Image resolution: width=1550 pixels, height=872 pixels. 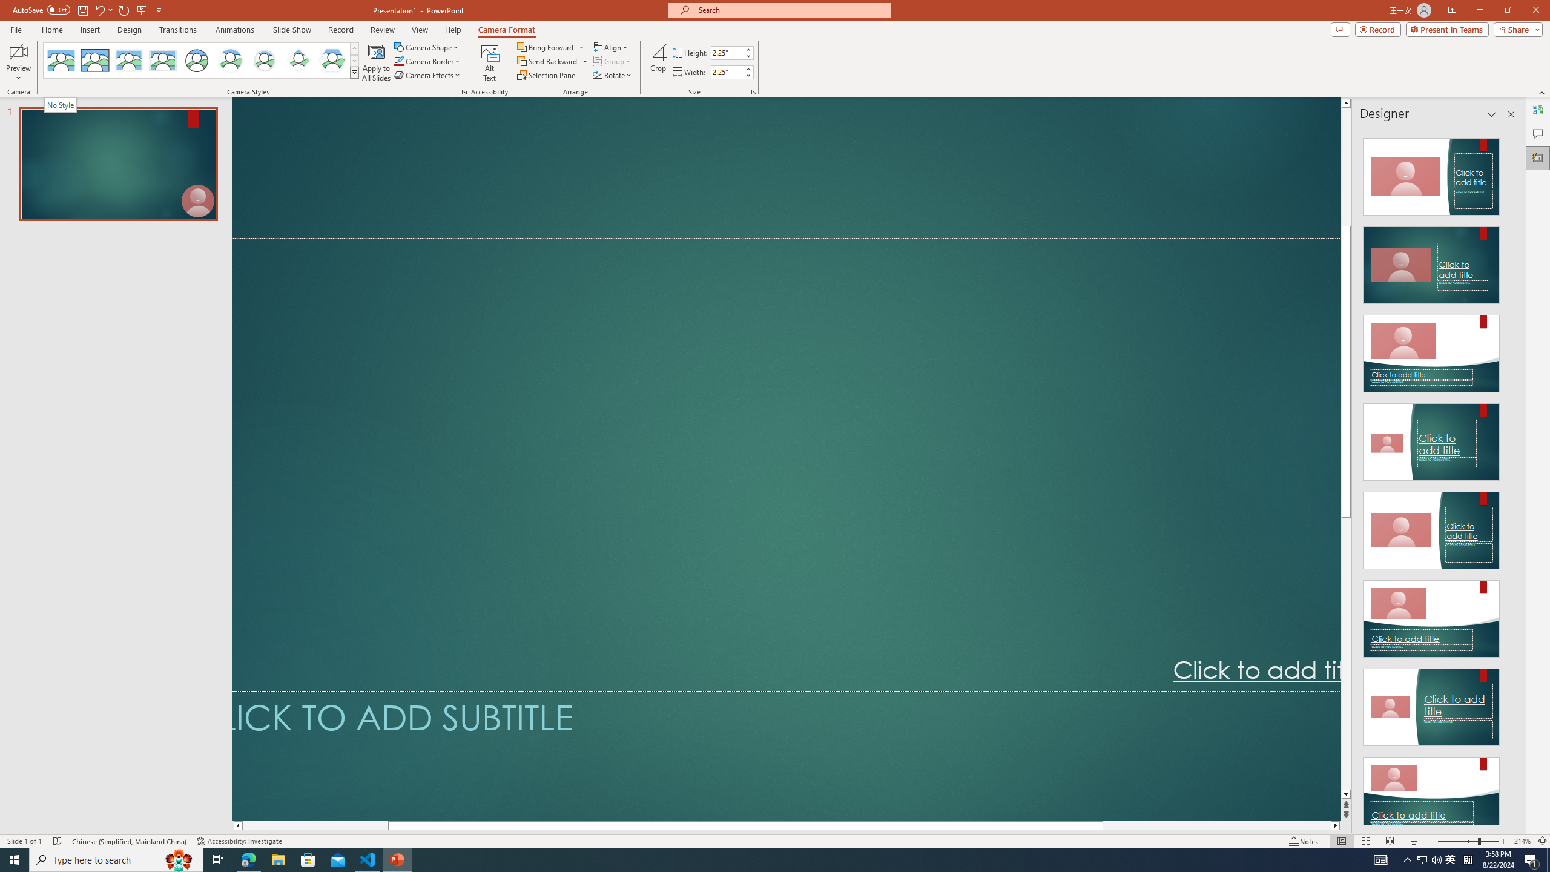 I want to click on 'Selection Pane...', so click(x=546, y=74).